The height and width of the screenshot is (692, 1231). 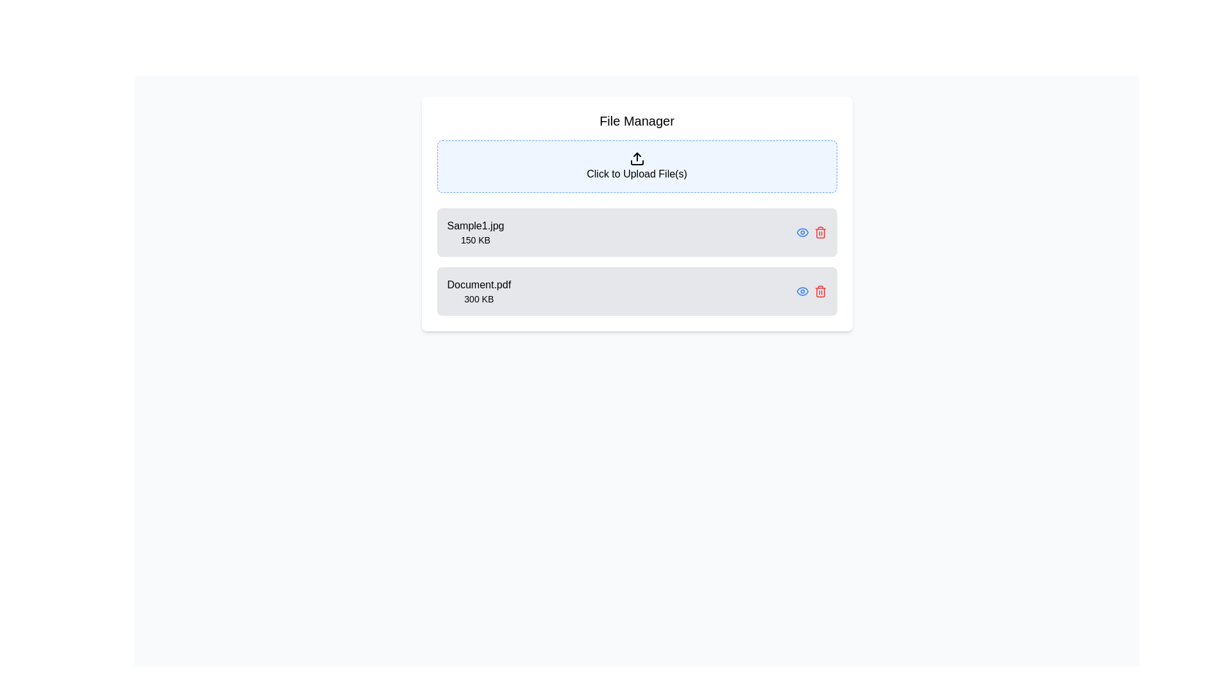 I want to click on the file upload button located in the 'File Manager' card, positioned centrally above the file entries 'Sample1.jpg' and 'Document.pdf', so click(x=637, y=165).